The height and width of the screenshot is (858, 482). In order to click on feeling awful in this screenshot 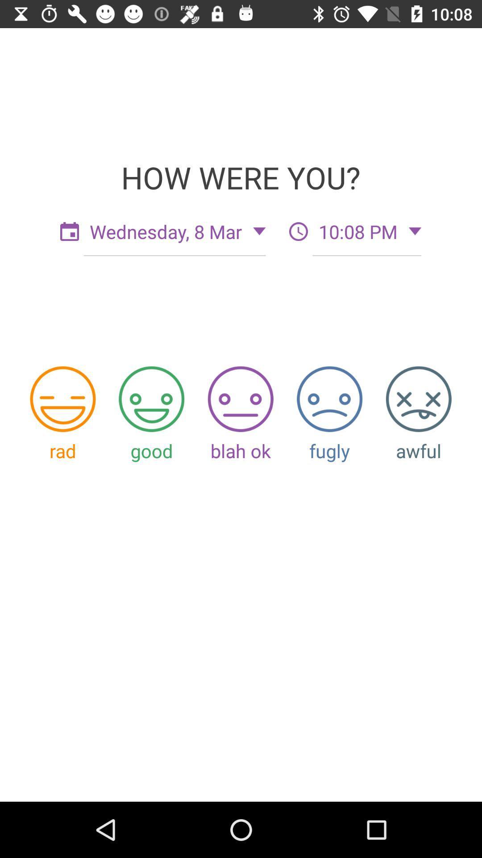, I will do `click(419, 399)`.